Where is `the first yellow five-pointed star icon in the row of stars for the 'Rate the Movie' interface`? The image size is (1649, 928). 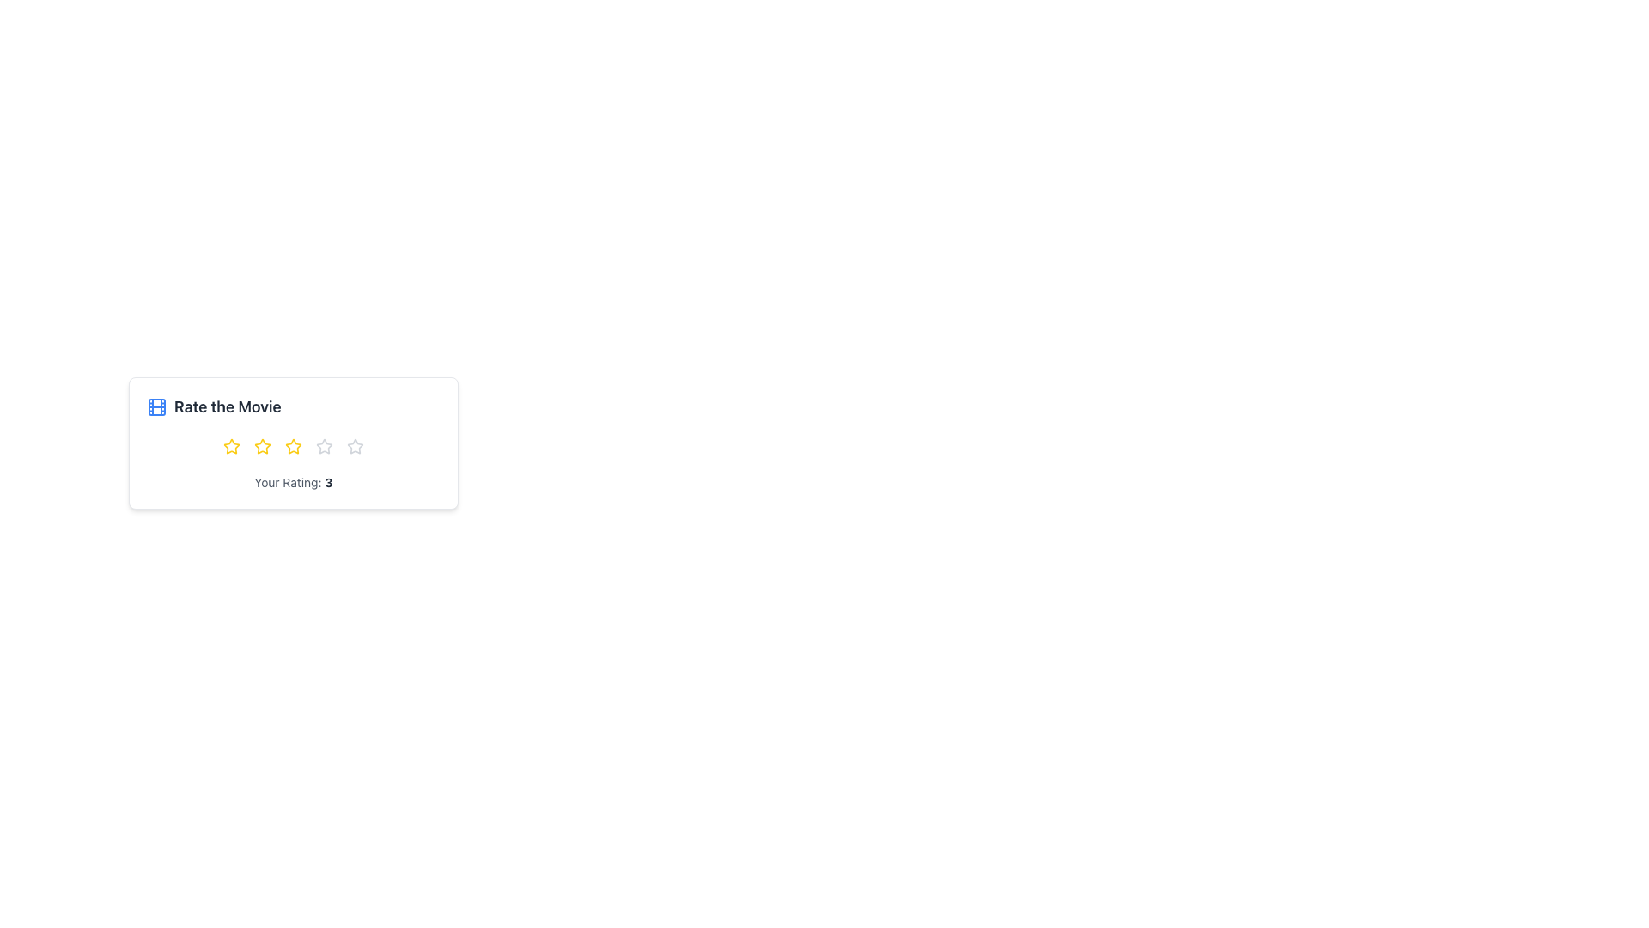
the first yellow five-pointed star icon in the row of stars for the 'Rate the Movie' interface is located at coordinates (230, 446).